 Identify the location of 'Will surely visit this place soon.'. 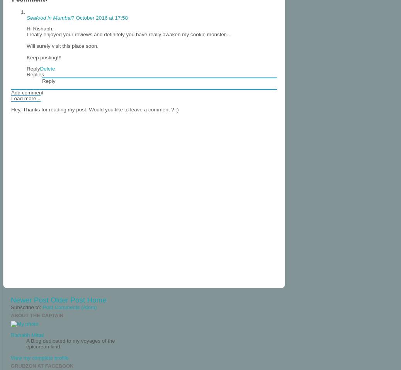
(62, 46).